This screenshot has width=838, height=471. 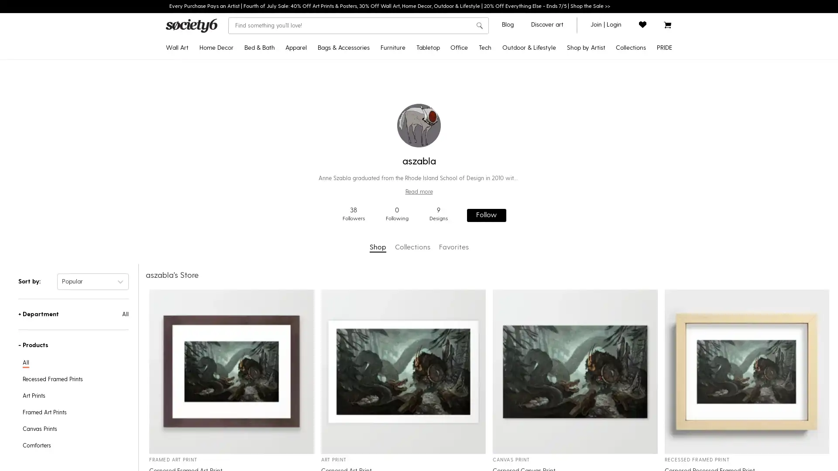 What do you see at coordinates (540, 140) in the screenshot?
I see `Outdoor Throw Pillows` at bounding box center [540, 140].